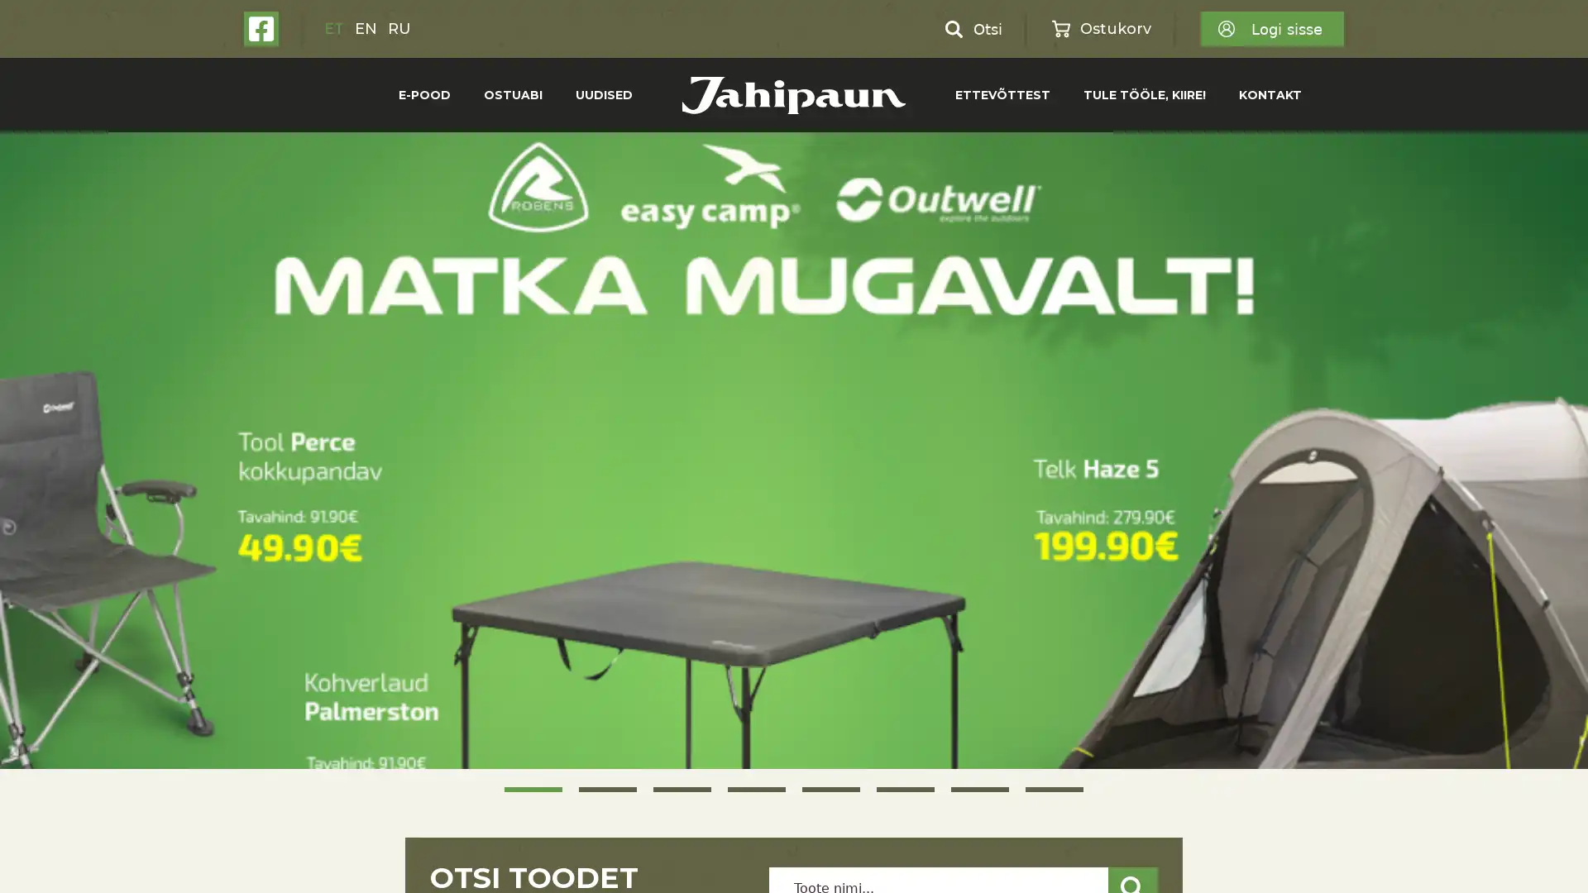 The image size is (1588, 893). I want to click on Otsi, so click(973, 28).